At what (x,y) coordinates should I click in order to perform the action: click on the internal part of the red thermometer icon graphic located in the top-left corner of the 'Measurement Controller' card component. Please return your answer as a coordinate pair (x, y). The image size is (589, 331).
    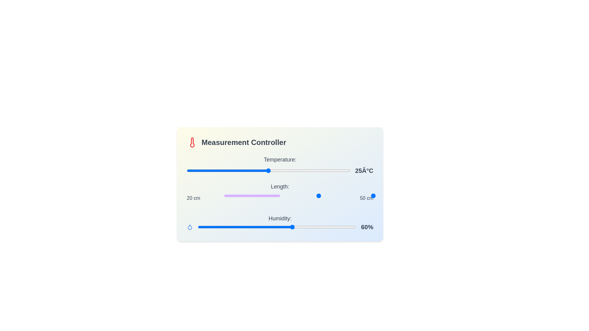
    Looking at the image, I should click on (192, 143).